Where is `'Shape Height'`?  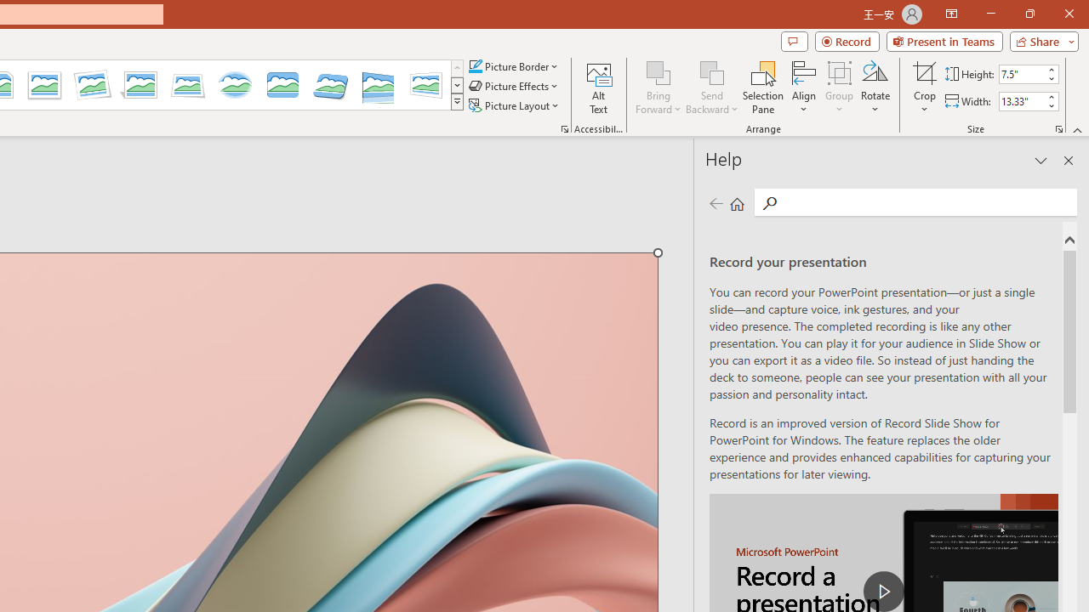
'Shape Height' is located at coordinates (1021, 73).